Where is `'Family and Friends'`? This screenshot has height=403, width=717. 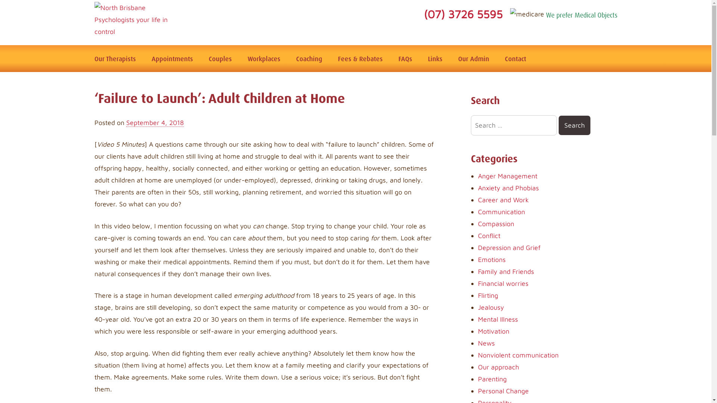
'Family and Friends' is located at coordinates (506, 271).